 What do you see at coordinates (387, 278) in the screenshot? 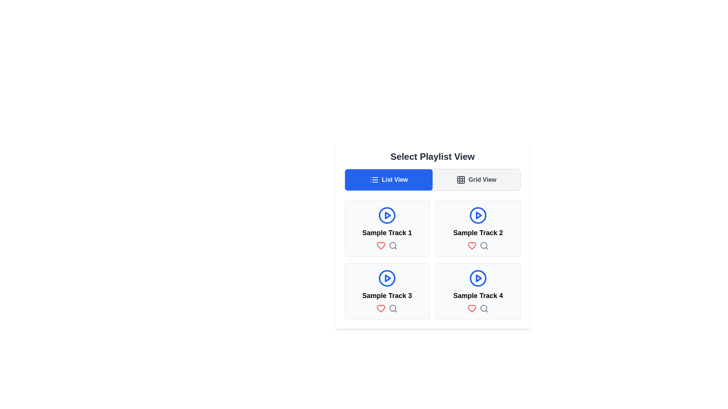
I see `the blue circular play button icon located at the upper center of the 'Sample Track 3' card` at bounding box center [387, 278].